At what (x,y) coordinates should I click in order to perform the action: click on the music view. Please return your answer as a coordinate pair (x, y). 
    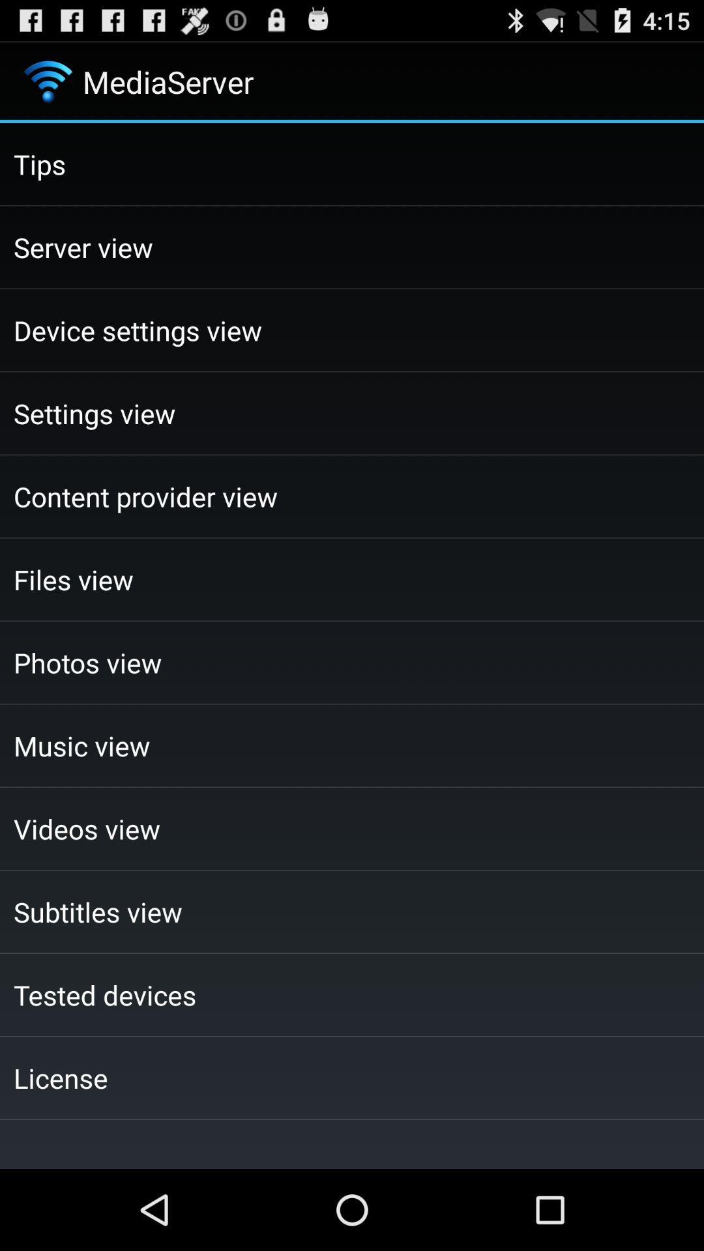
    Looking at the image, I should click on (352, 745).